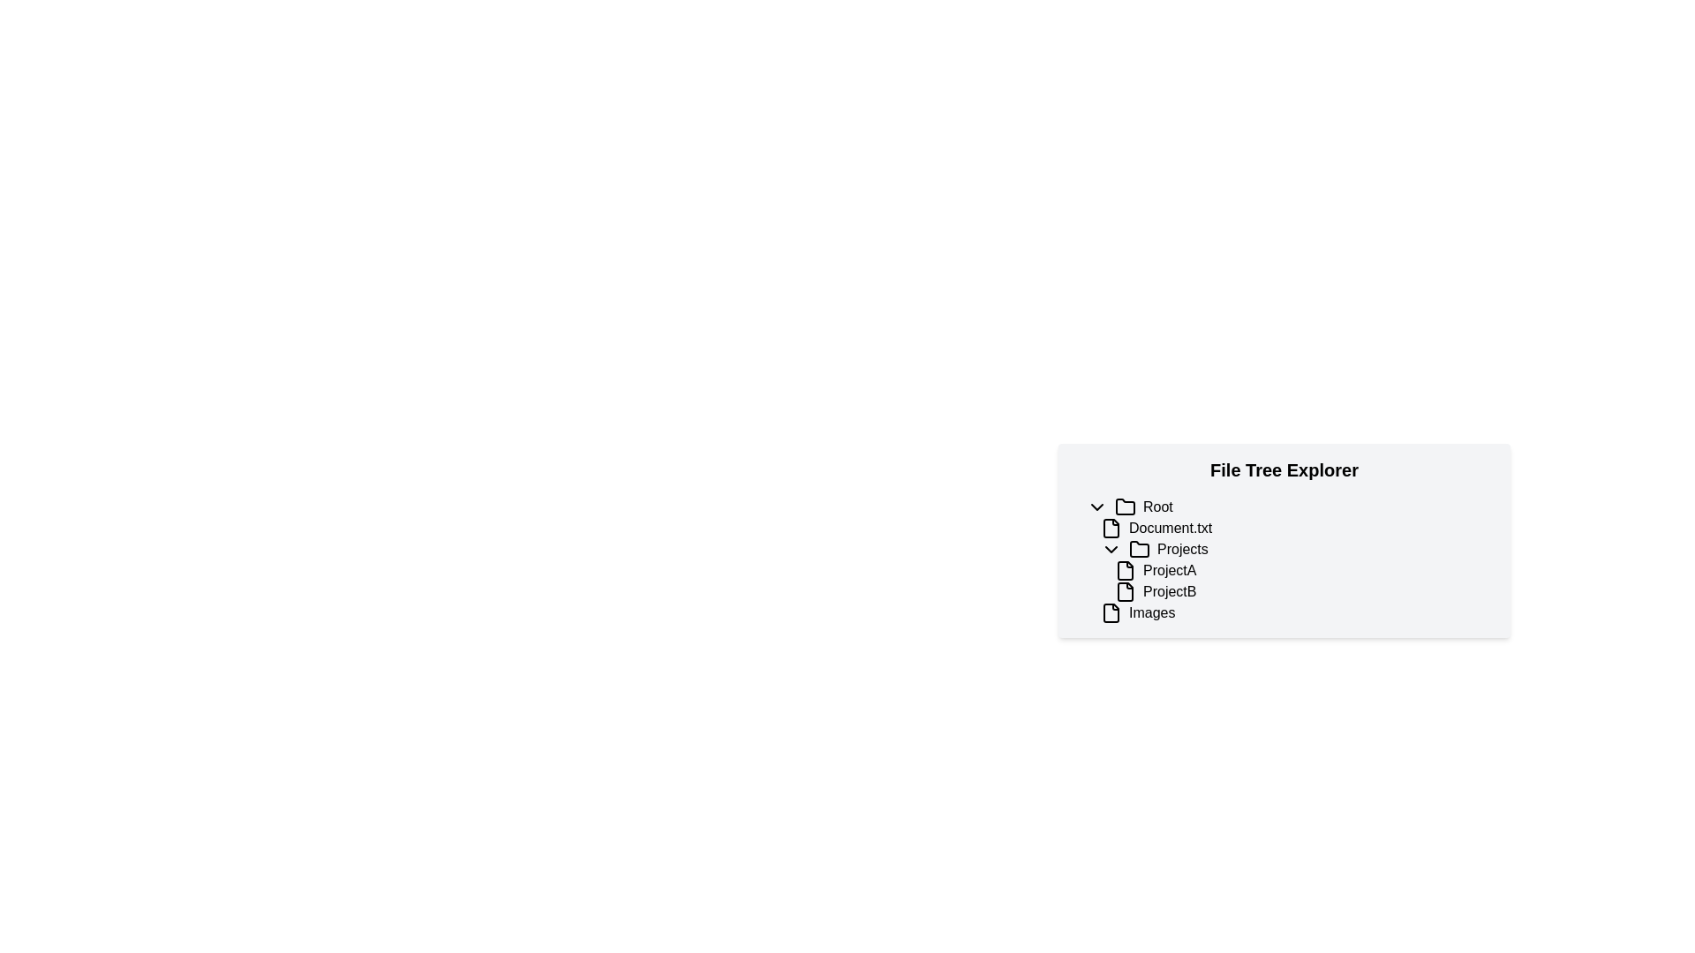 Image resolution: width=1695 pixels, height=953 pixels. Describe the element at coordinates (1169, 571) in the screenshot. I see `the 'ProjectA' text label in the file explorer` at that location.